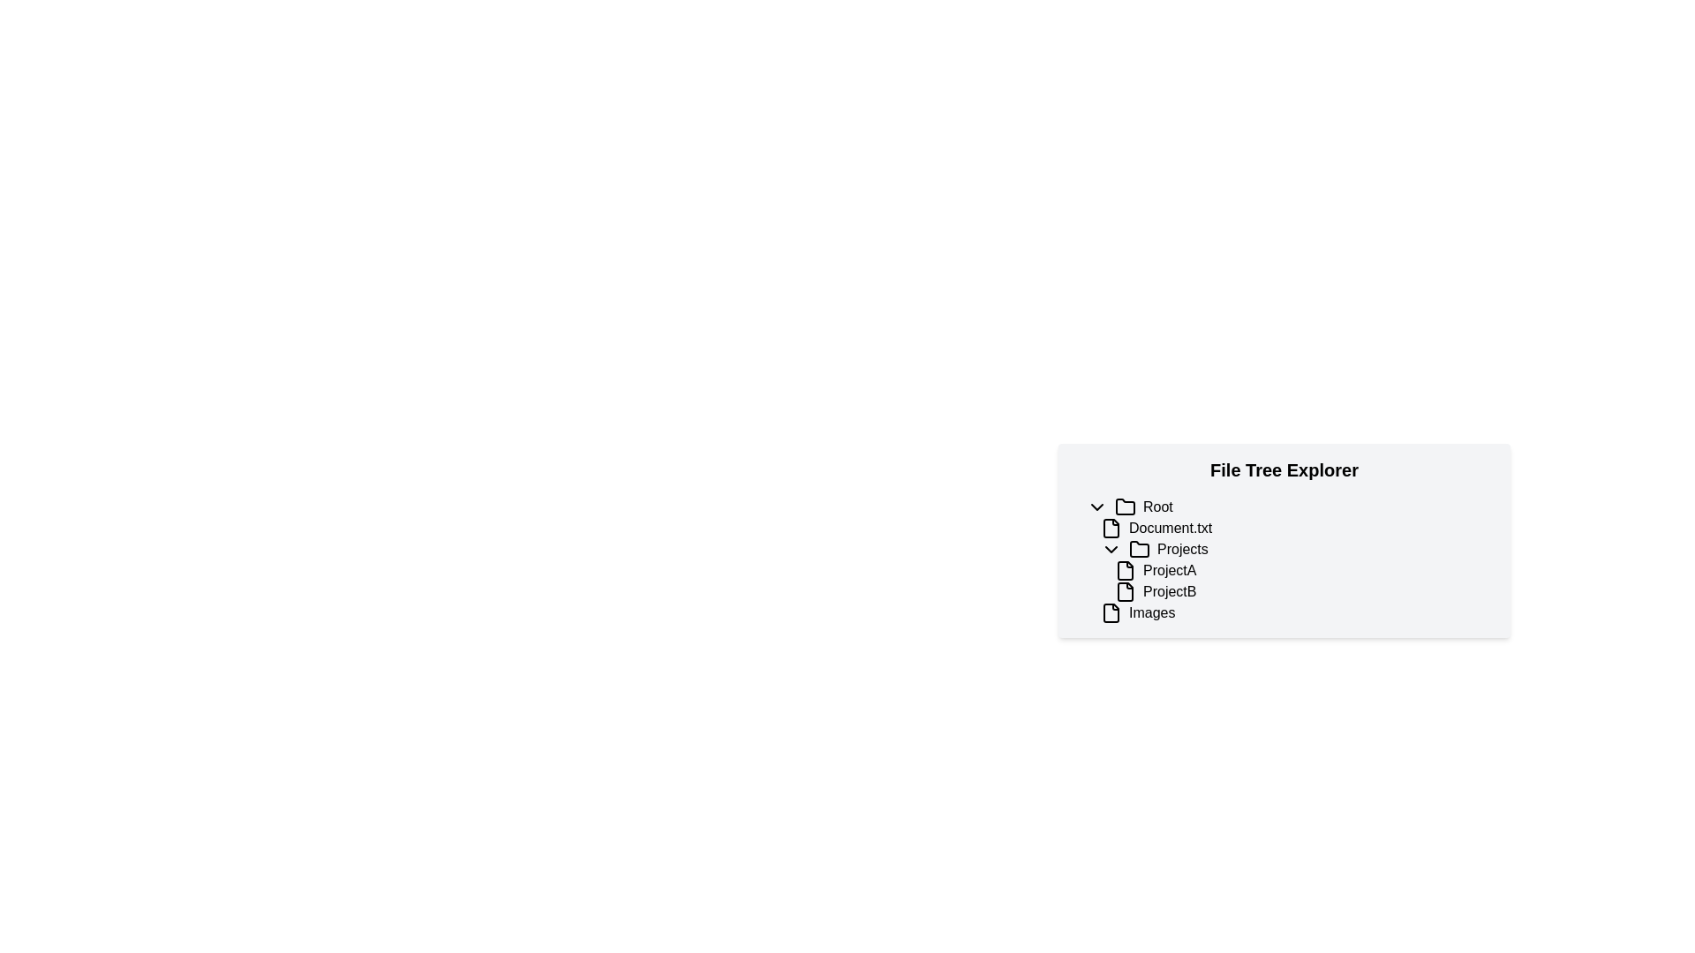 Image resolution: width=1695 pixels, height=953 pixels. Describe the element at coordinates (1169, 571) in the screenshot. I see `the 'ProjectA' text label in the file explorer` at that location.